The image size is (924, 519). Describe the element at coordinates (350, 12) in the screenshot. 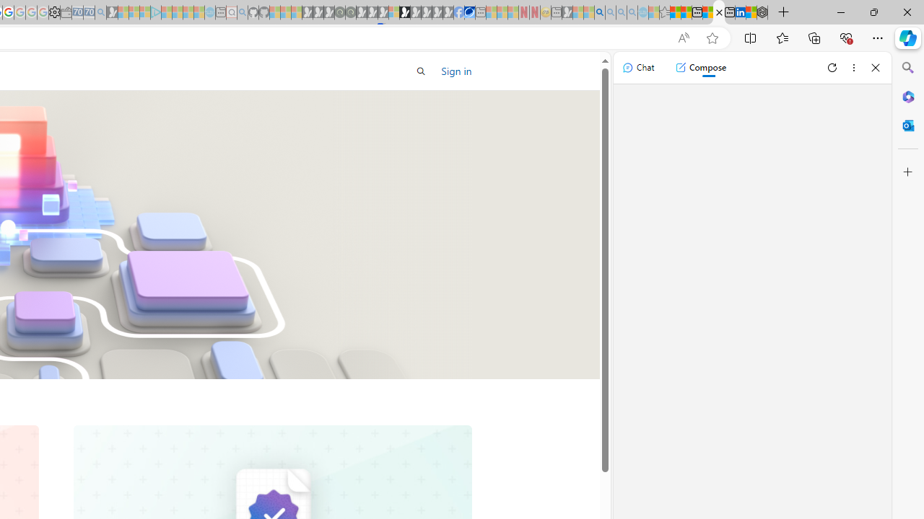

I see `'Future Focus Report 2024 - Sleeping'` at that location.